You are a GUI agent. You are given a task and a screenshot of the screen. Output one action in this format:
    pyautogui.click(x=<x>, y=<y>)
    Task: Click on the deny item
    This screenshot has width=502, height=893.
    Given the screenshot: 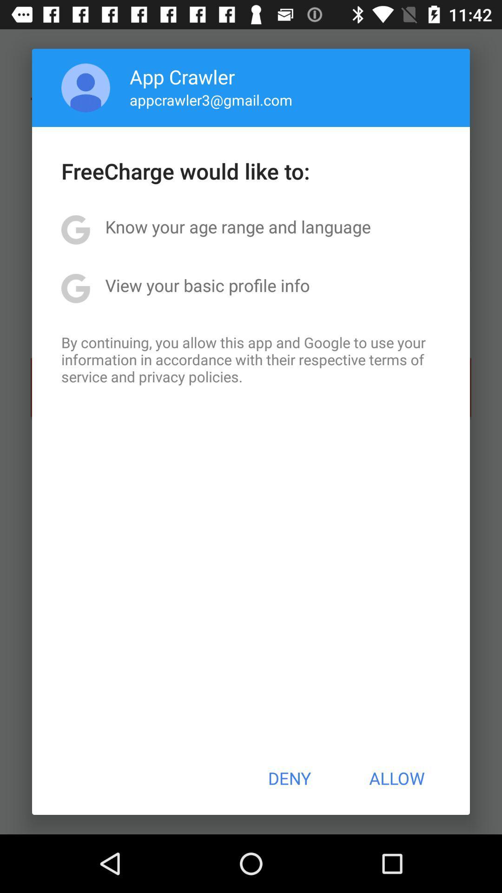 What is the action you would take?
    pyautogui.click(x=289, y=778)
    